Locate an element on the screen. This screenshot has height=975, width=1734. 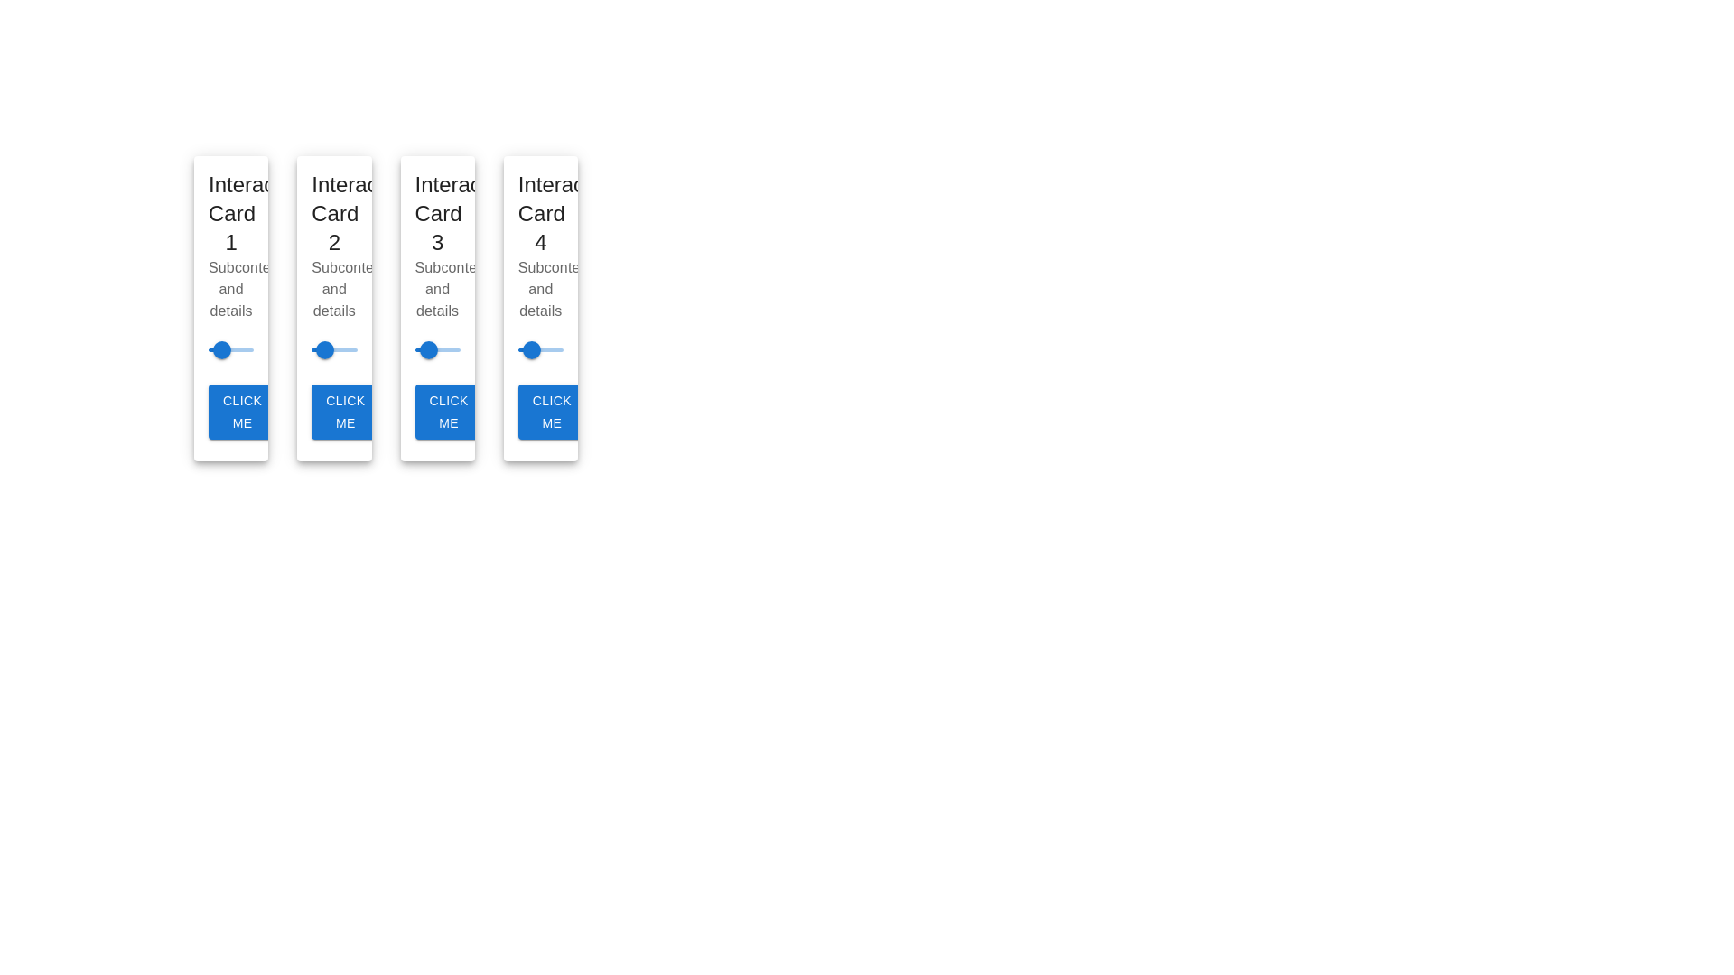
the thumb of the horizontal slider, located in the lower part of 'Interactive Card 4' is located at coordinates (539, 350).